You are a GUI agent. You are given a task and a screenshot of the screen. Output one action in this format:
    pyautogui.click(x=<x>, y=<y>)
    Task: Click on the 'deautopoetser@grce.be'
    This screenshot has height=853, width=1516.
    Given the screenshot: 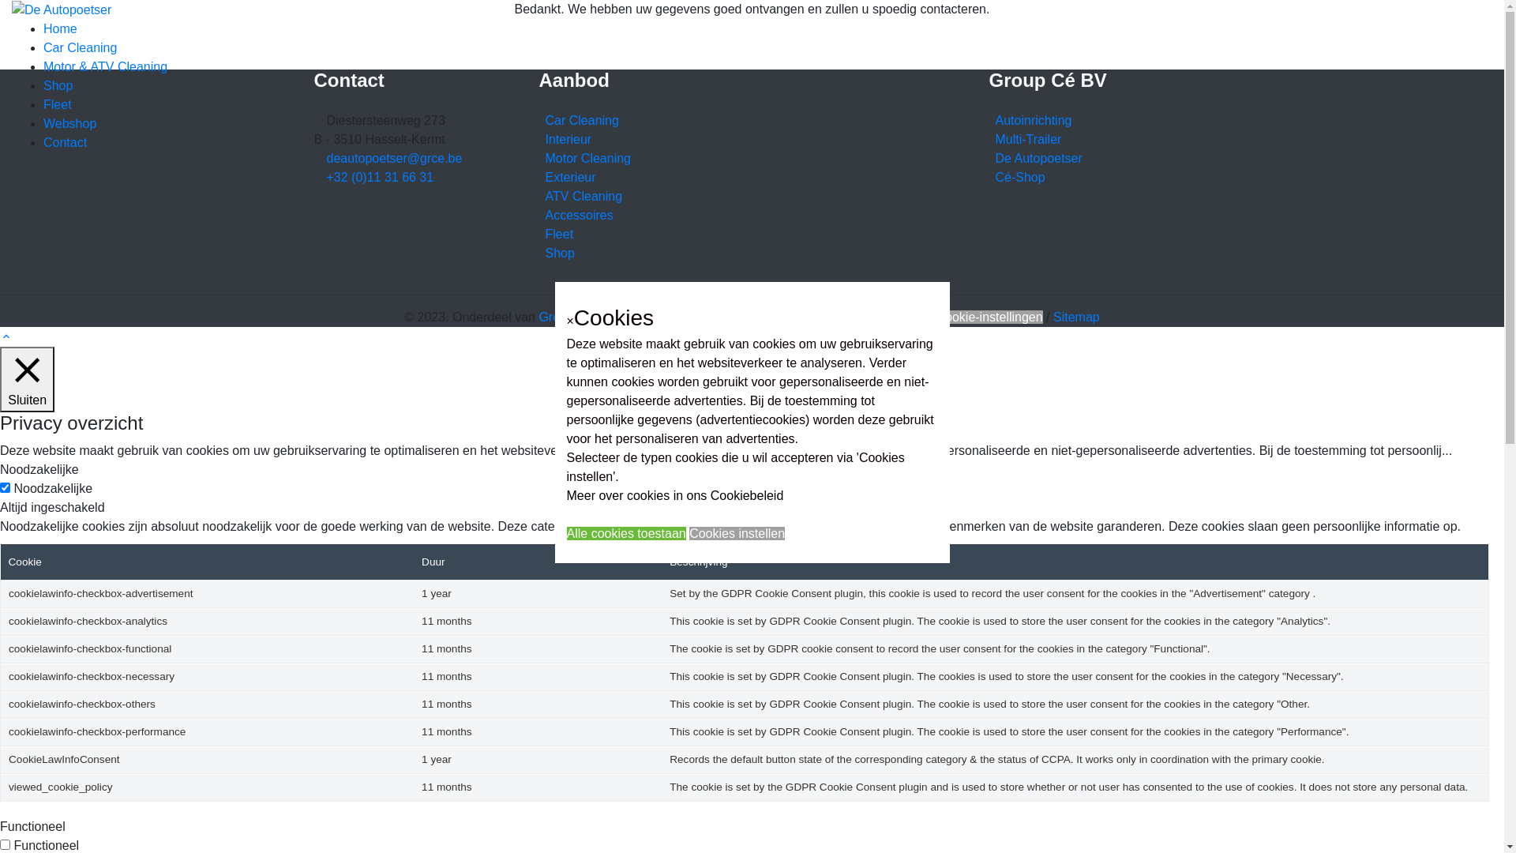 What is the action you would take?
    pyautogui.click(x=394, y=158)
    